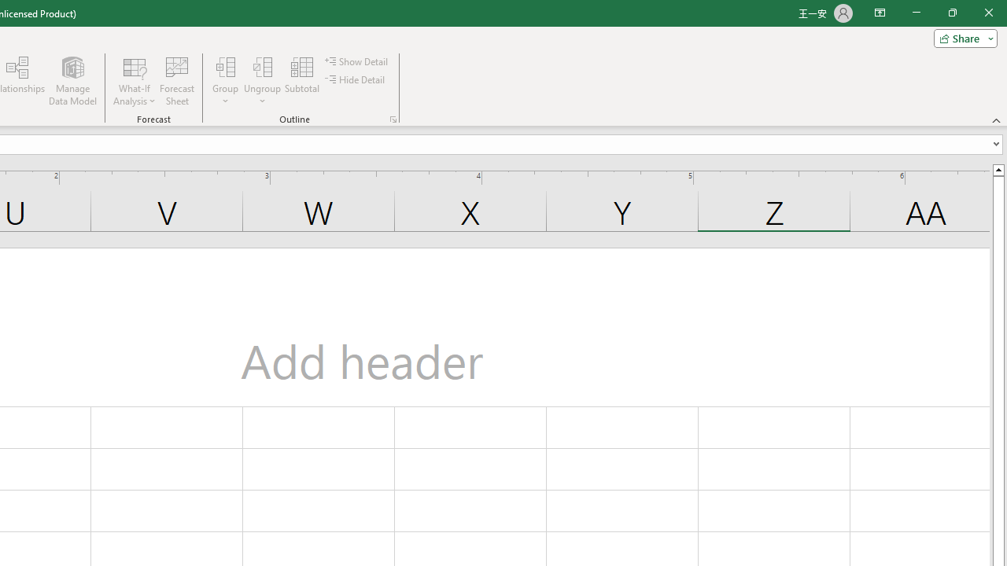 The width and height of the screenshot is (1007, 566). What do you see at coordinates (263, 66) in the screenshot?
I see `'Ungroup...'` at bounding box center [263, 66].